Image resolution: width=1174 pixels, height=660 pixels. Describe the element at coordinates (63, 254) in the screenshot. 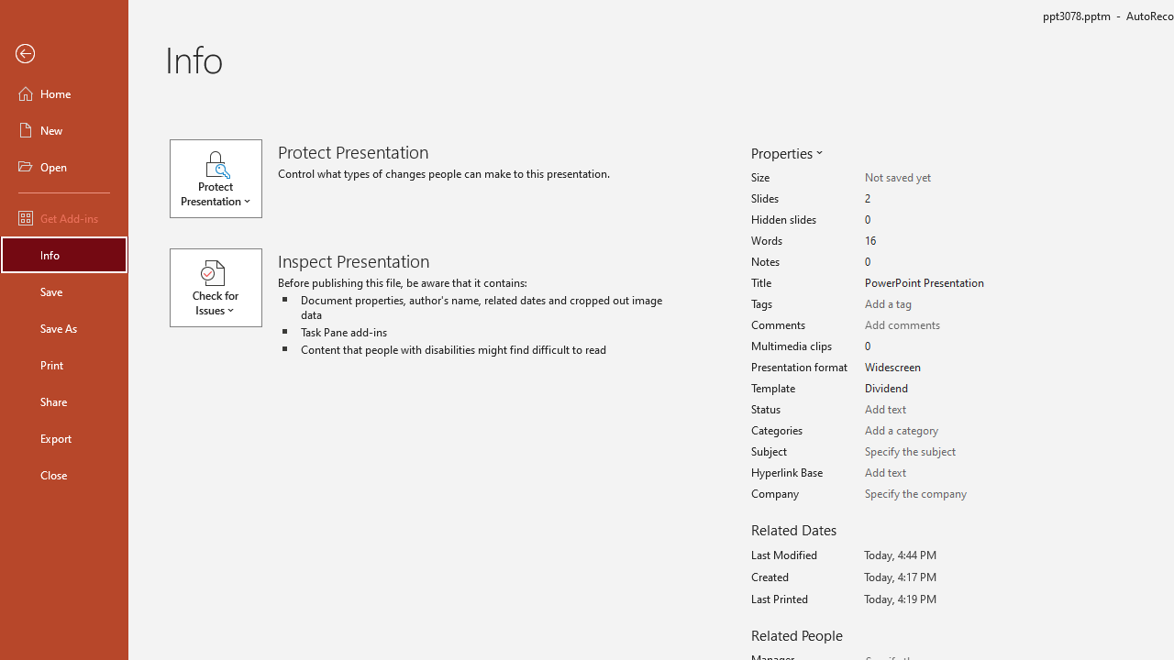

I see `'Info'` at that location.